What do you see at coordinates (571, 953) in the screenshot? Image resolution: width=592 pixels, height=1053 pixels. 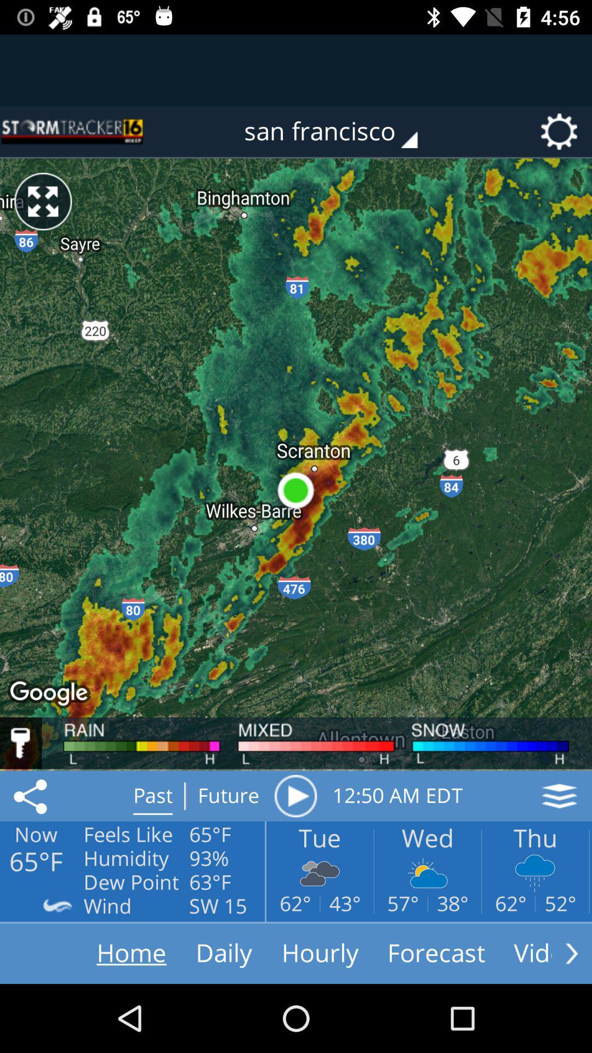 I see `the arrow_forward icon` at bounding box center [571, 953].